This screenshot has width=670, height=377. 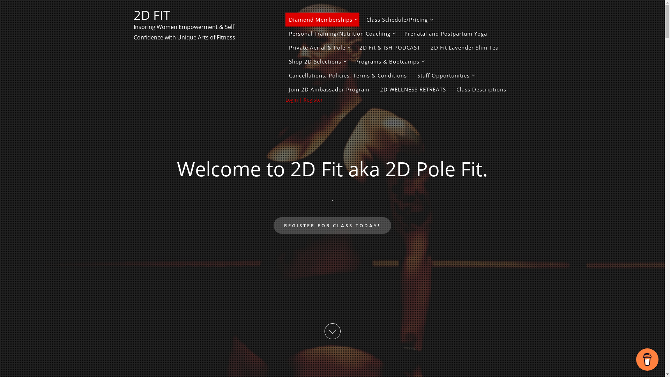 What do you see at coordinates (481, 89) in the screenshot?
I see `'Class Descriptions'` at bounding box center [481, 89].